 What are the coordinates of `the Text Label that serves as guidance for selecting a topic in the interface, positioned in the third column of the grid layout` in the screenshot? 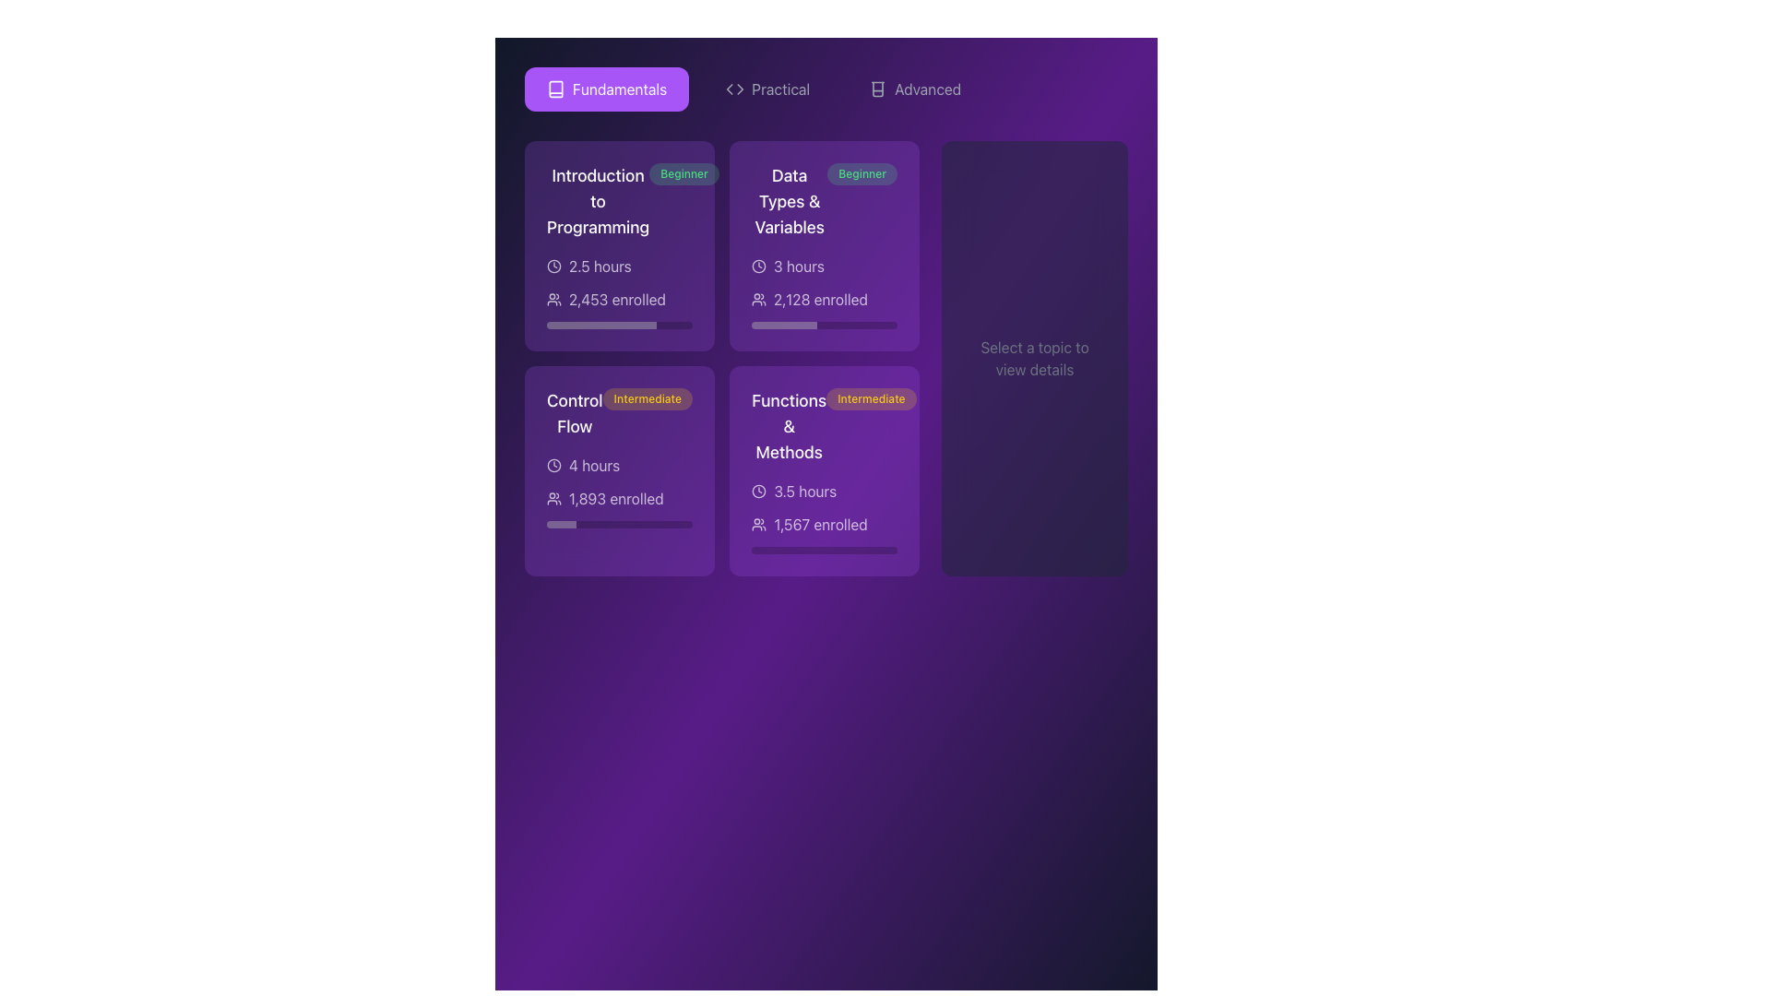 It's located at (1035, 359).